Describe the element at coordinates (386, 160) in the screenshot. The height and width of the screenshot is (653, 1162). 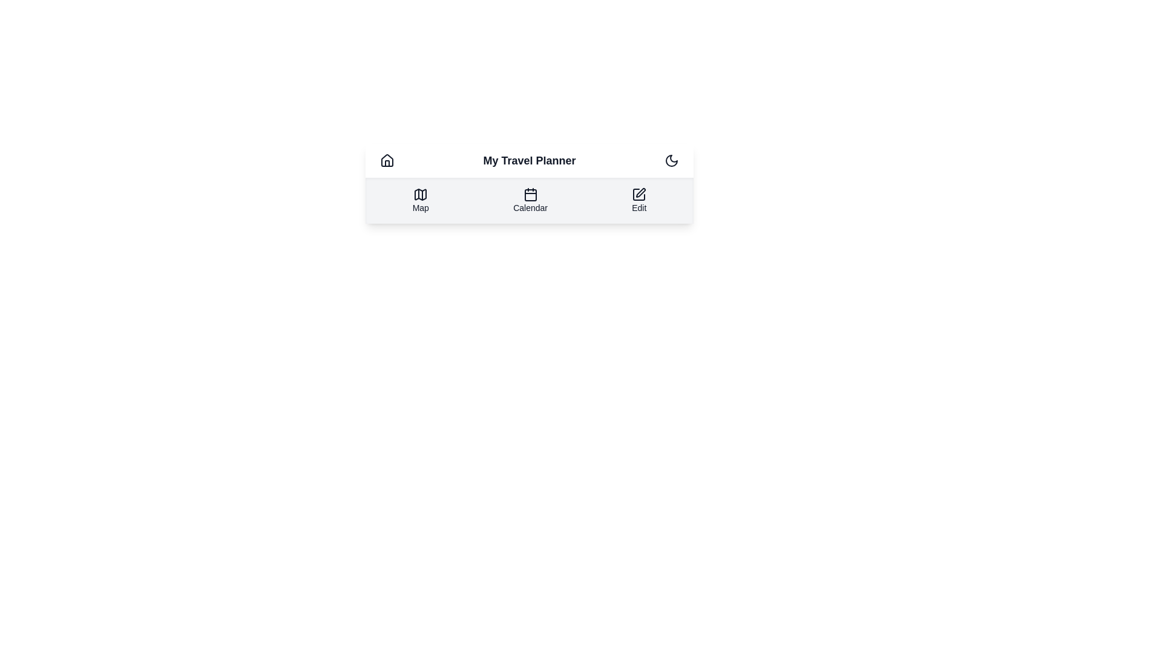
I see `the home button to toggle the menu visibility` at that location.